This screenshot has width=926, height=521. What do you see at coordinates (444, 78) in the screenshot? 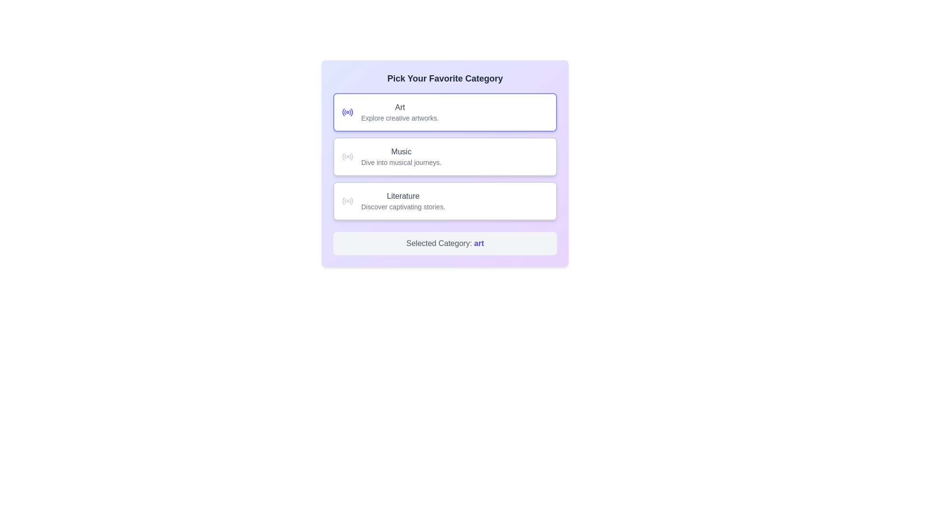
I see `text heading 'Pick Your Favorite Category' which is displayed in bold and large font at the top of a card layout` at bounding box center [444, 78].